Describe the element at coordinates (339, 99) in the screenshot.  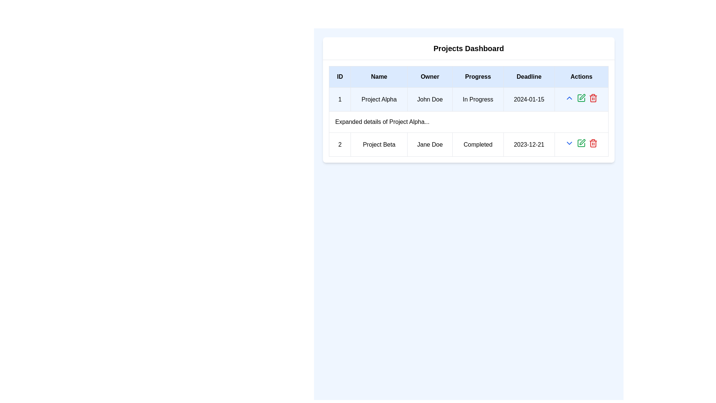
I see `contents of the Text Display element that serves as a unique identifier for the first record in the dataset, located in the 'ID' column adjacent to 'Project Alpha'` at that location.